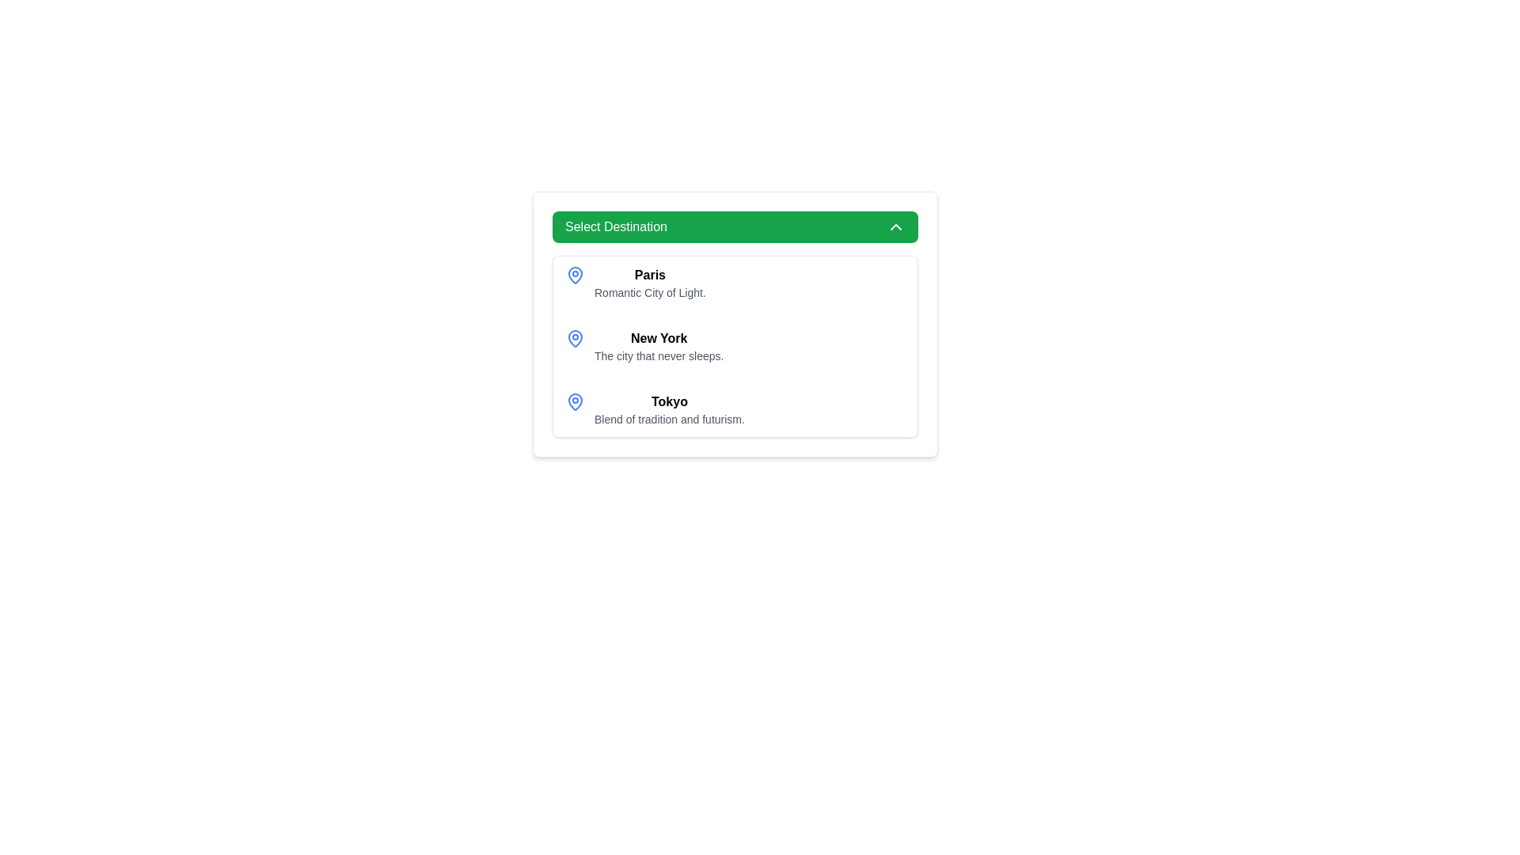 Image resolution: width=1520 pixels, height=855 pixels. What do you see at coordinates (735, 408) in the screenshot?
I see `the third item in the dropdown menu` at bounding box center [735, 408].